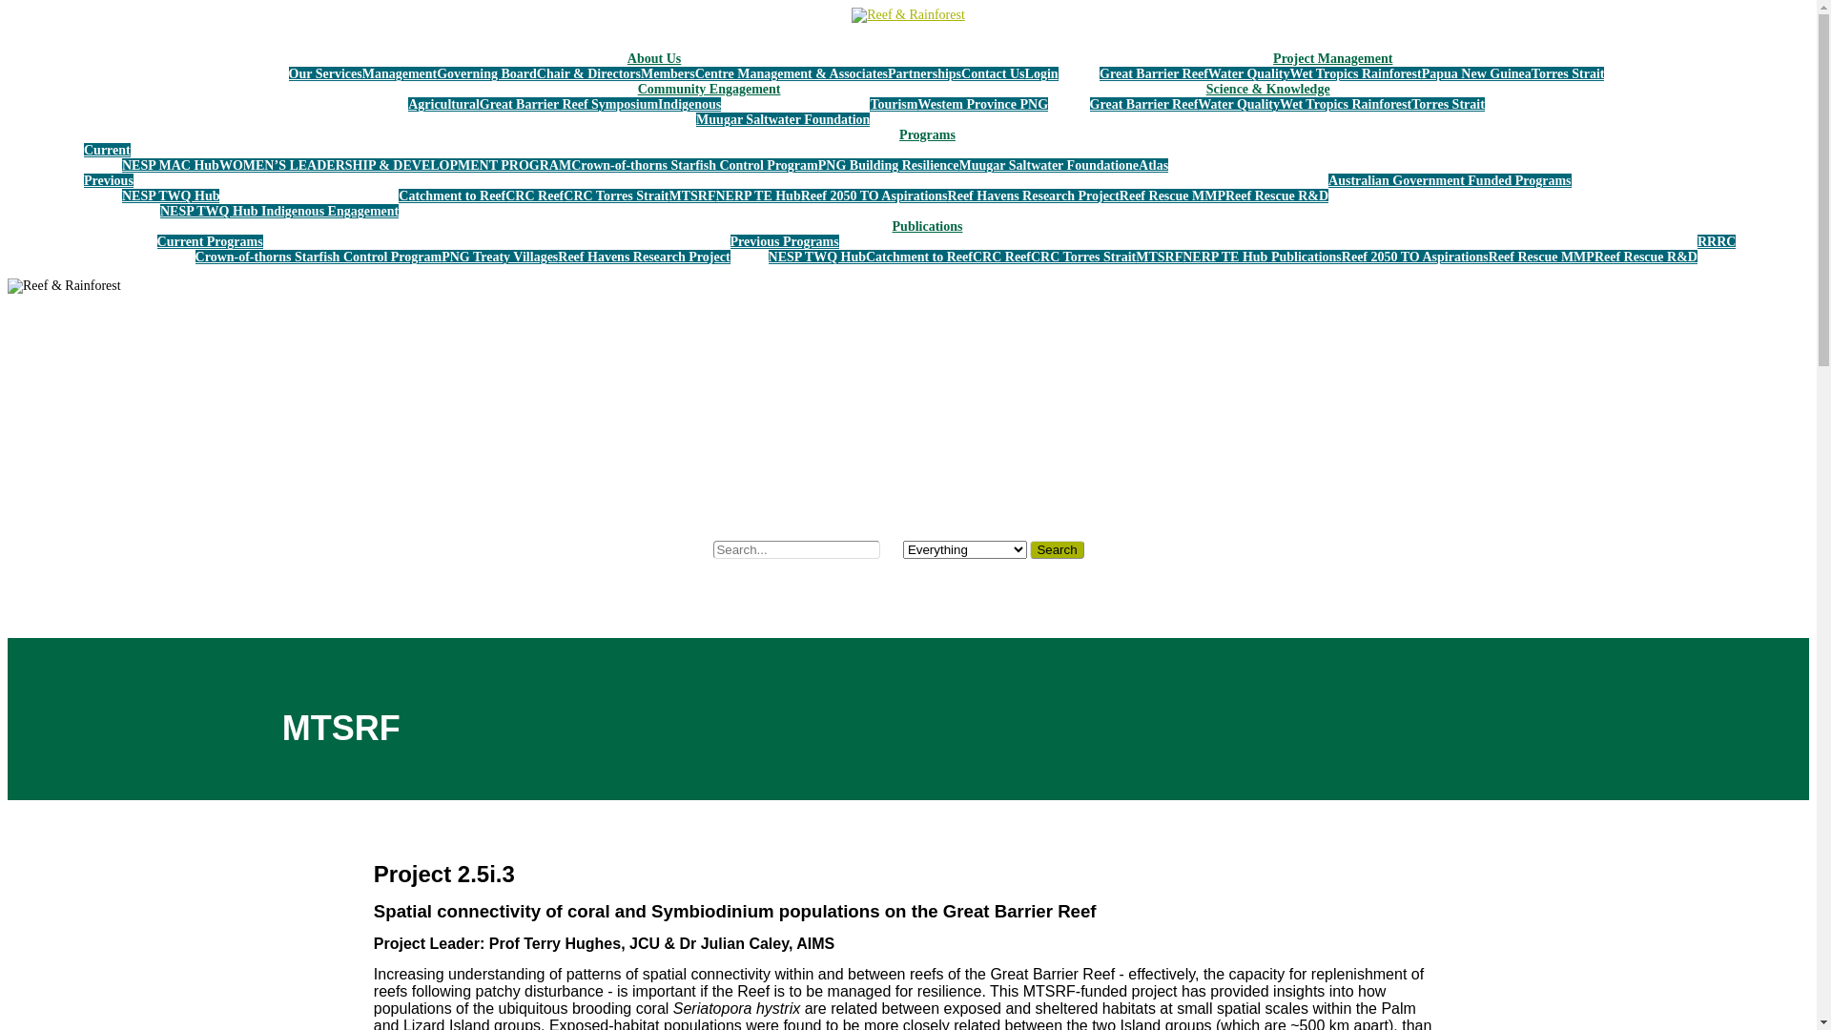  I want to click on 'Project Management', so click(1331, 57).